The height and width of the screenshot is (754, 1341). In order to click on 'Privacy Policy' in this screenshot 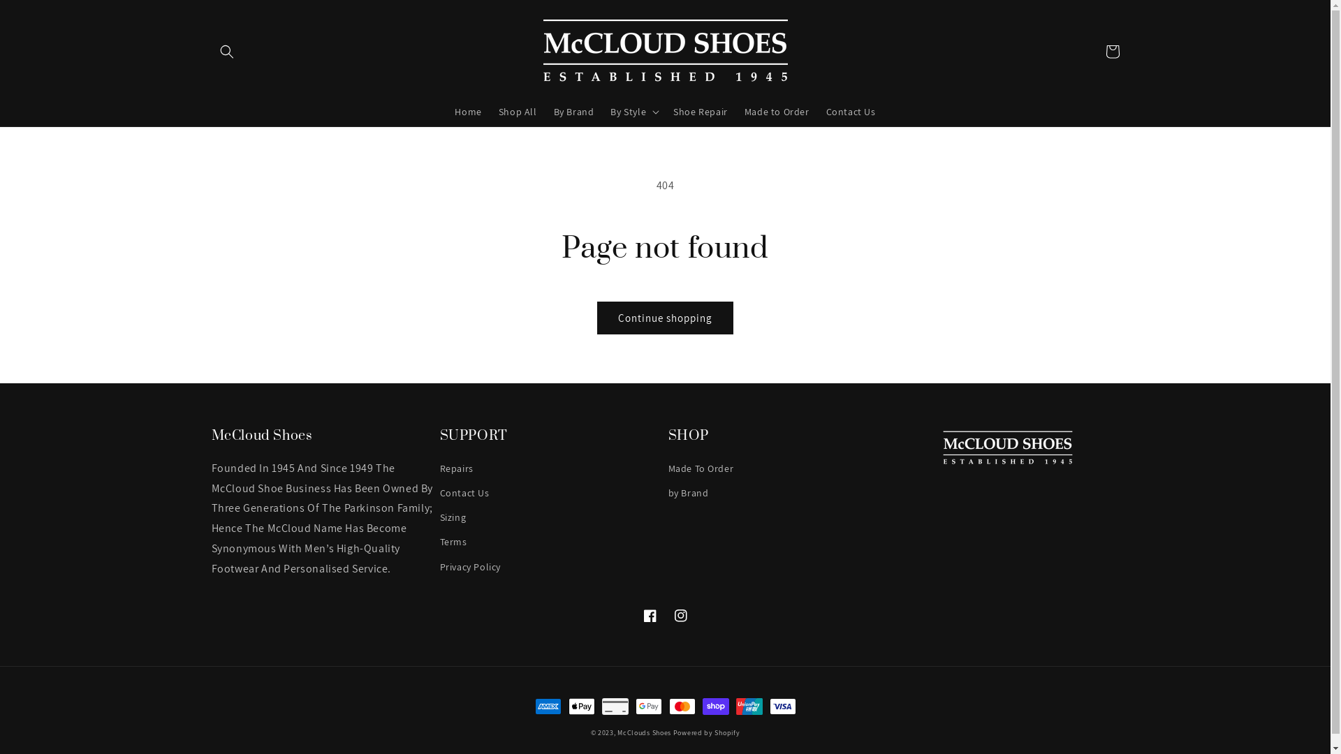, I will do `click(470, 567)`.